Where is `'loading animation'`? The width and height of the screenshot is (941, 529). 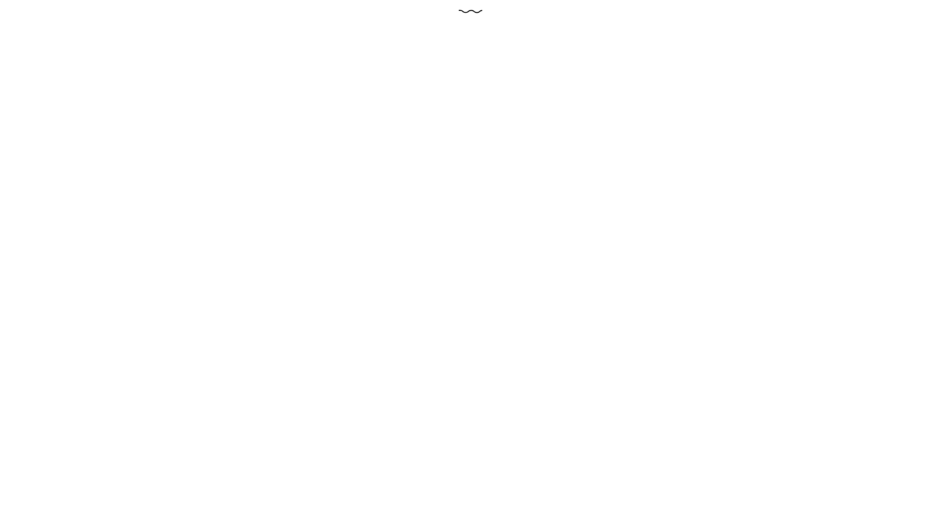
'loading animation' is located at coordinates (470, 11).